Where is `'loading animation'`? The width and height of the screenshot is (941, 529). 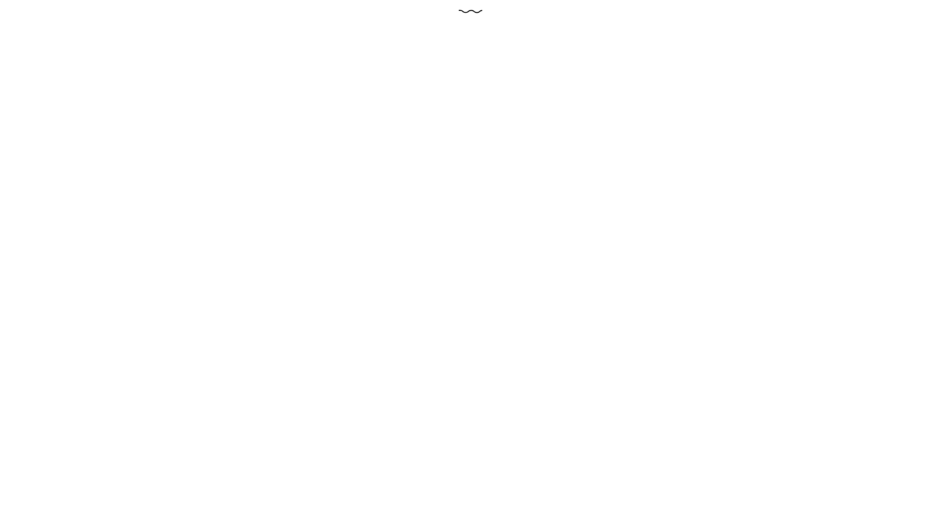
'loading animation' is located at coordinates (470, 11).